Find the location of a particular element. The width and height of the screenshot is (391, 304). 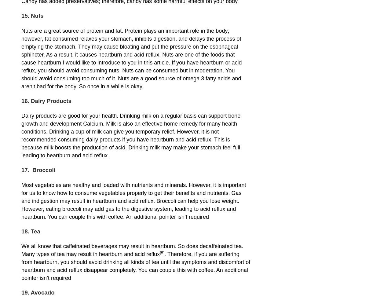

'consume vegetables properly to get their benefits and nutrients. Gas and indigestion may result in heartburn and acid reflux. Broccoli can' is located at coordinates (131, 196).